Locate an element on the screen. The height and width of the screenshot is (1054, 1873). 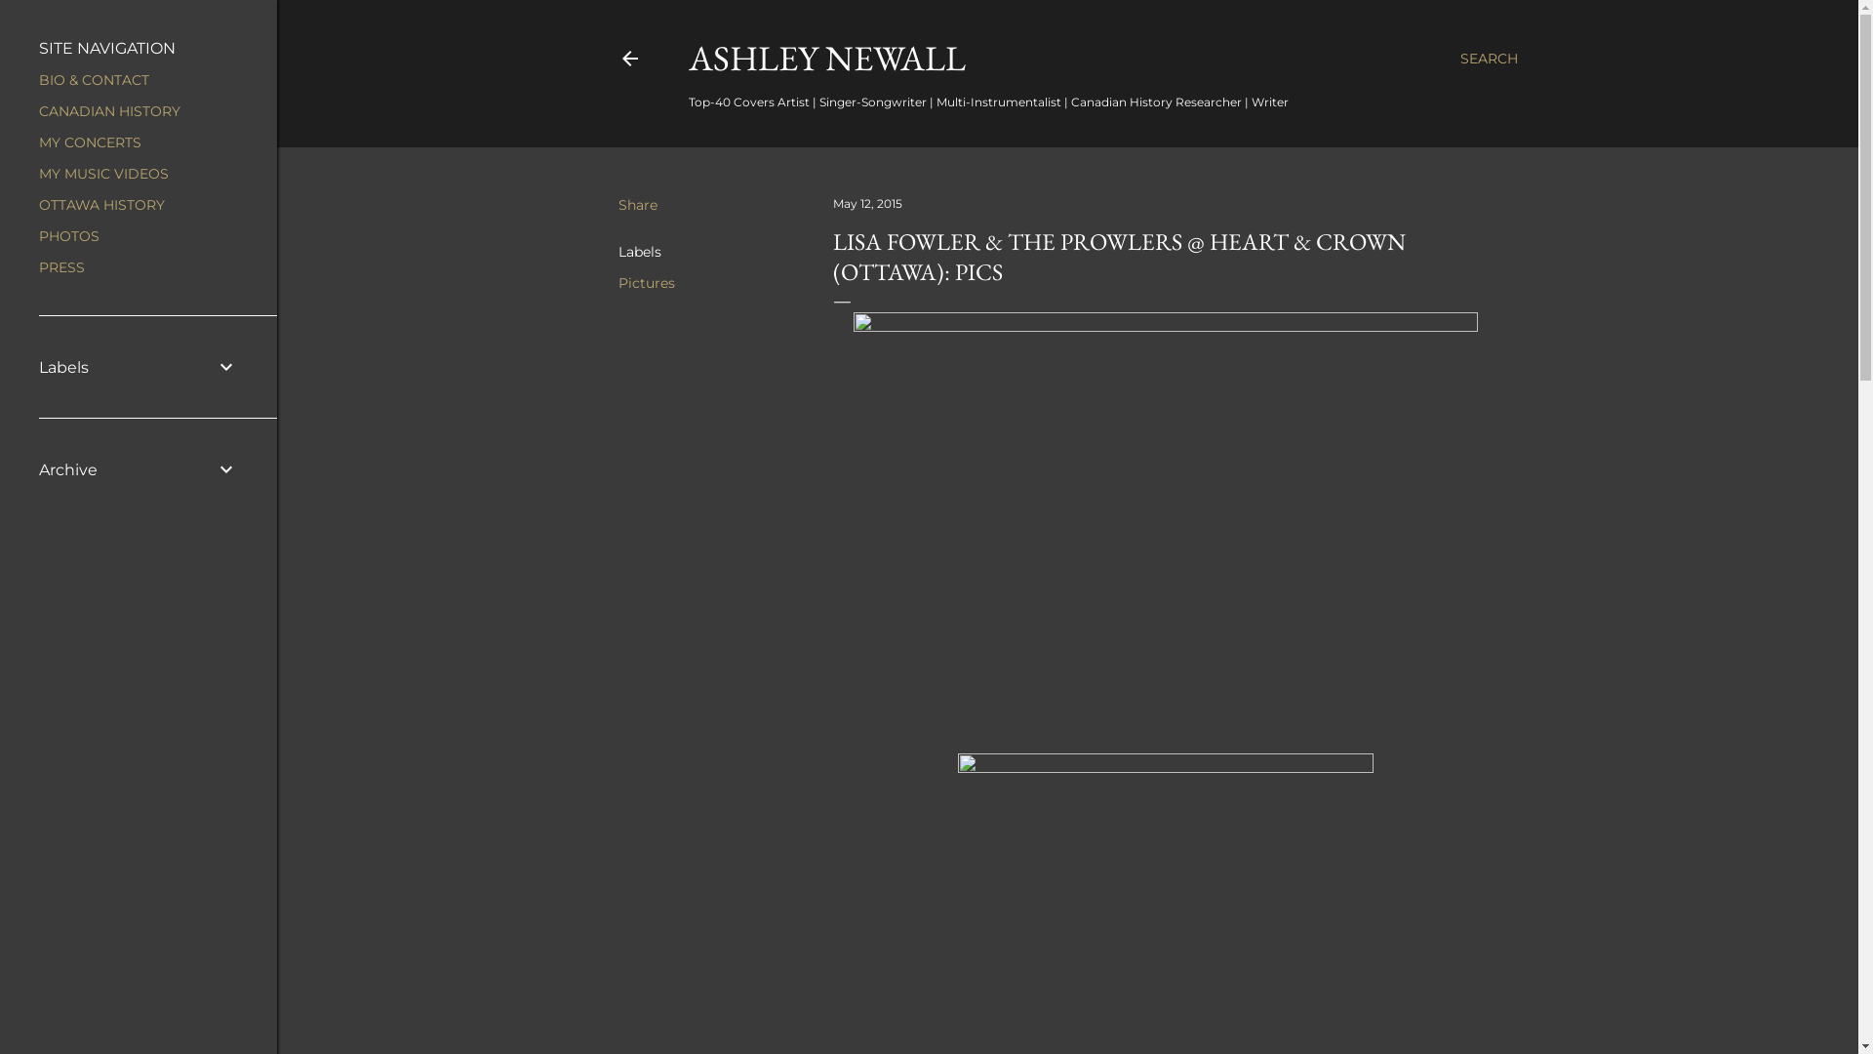
'MY CONCERTS' is located at coordinates (89, 142).